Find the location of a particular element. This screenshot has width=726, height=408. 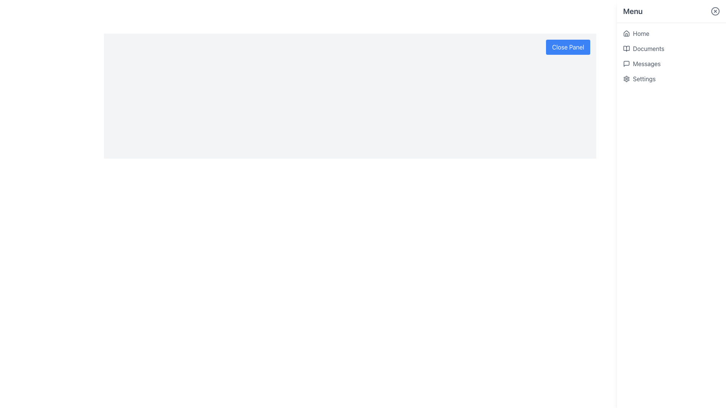

the close button located in the top-right corner of the menu panel header, adjacent to the 'Menu' text is located at coordinates (715, 11).